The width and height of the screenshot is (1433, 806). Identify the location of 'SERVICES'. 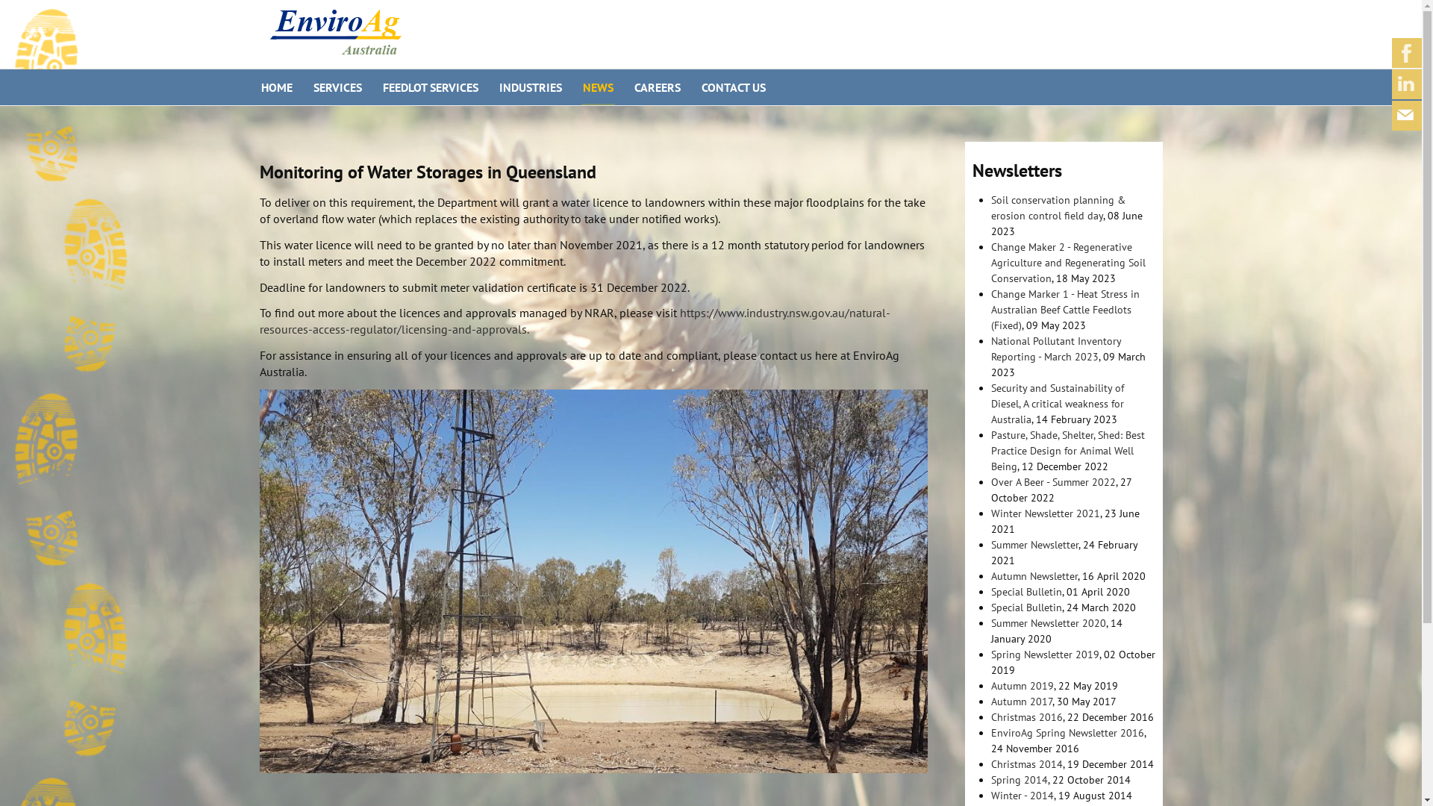
(337, 87).